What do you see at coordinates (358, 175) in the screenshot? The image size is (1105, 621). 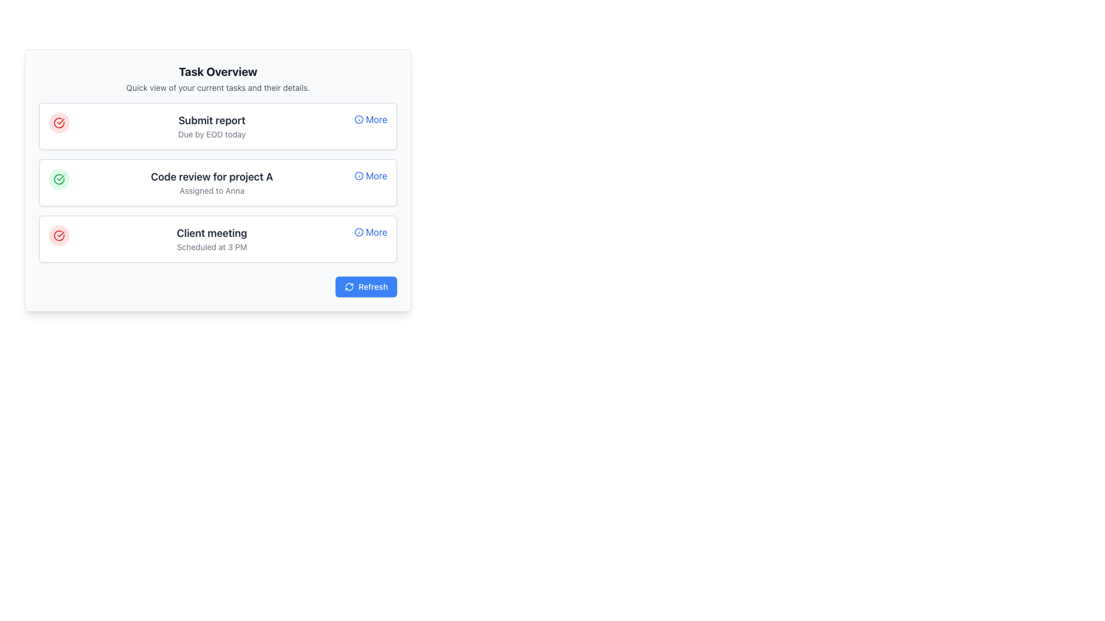 I see `the 'info' icon represented by the SVG circle near the second task item labeled 'Code review for project A'` at bounding box center [358, 175].